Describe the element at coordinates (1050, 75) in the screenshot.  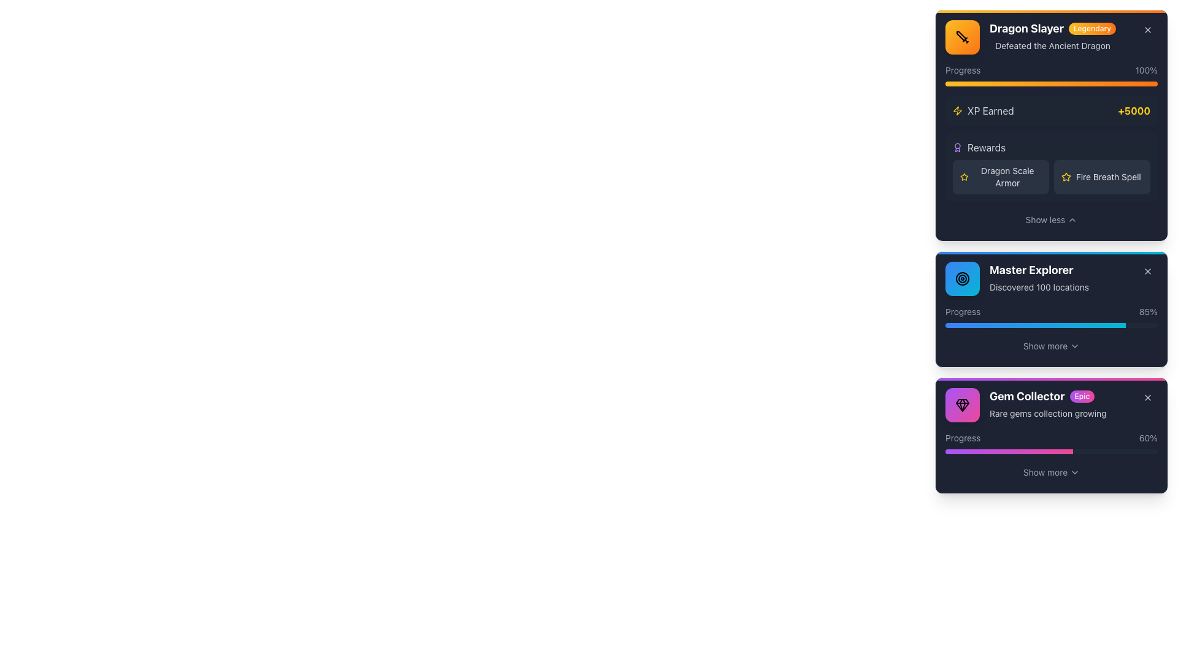
I see `visual progress of the Progress indicator in the first achievement card labeled 'Dragon Slayer', which visually depicts the progress of the task` at that location.